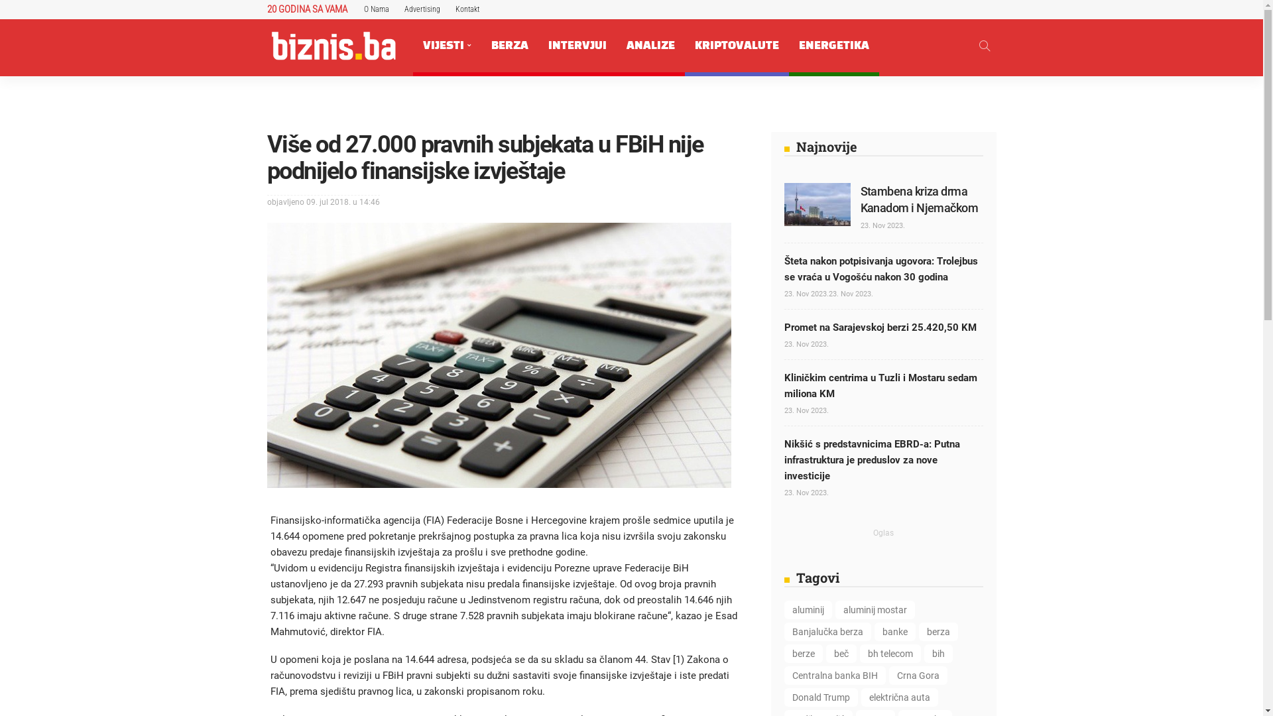 The width and height of the screenshot is (1273, 716). What do you see at coordinates (538, 45) in the screenshot?
I see `'INTERVJUI'` at bounding box center [538, 45].